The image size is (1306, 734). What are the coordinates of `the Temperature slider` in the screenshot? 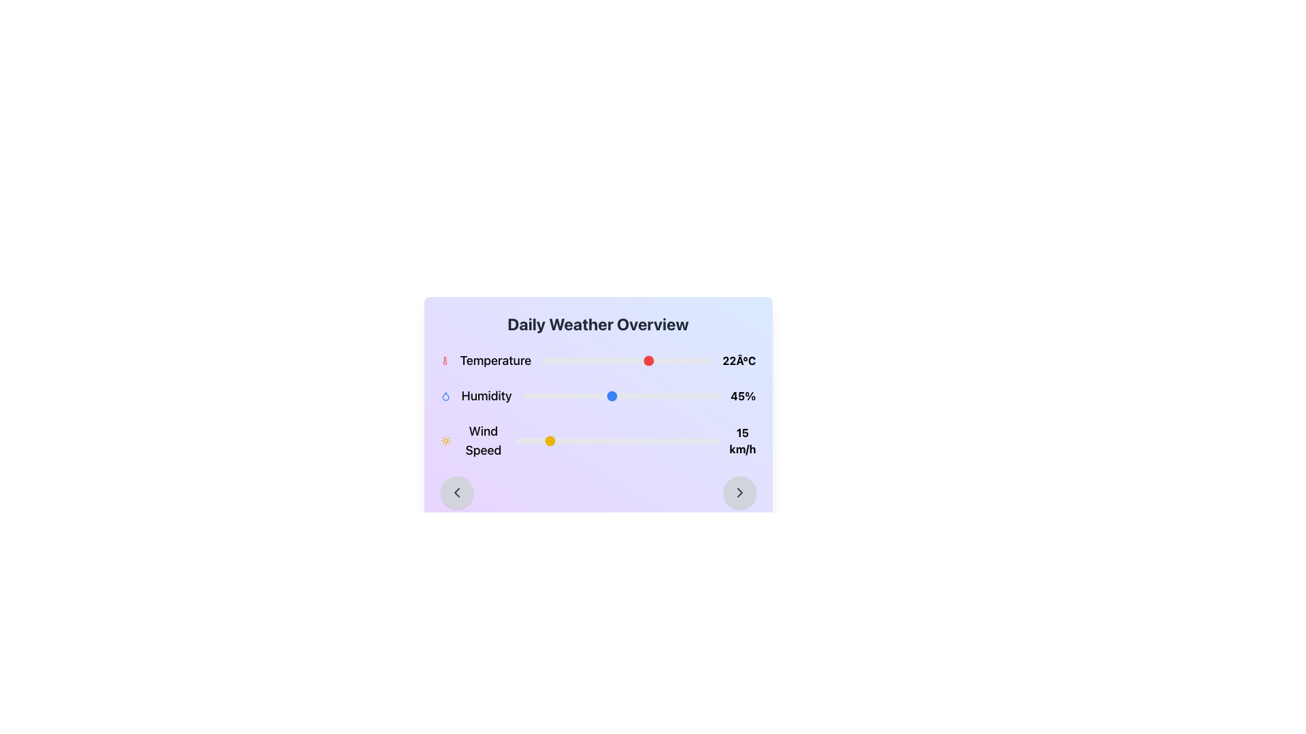 It's located at (556, 360).